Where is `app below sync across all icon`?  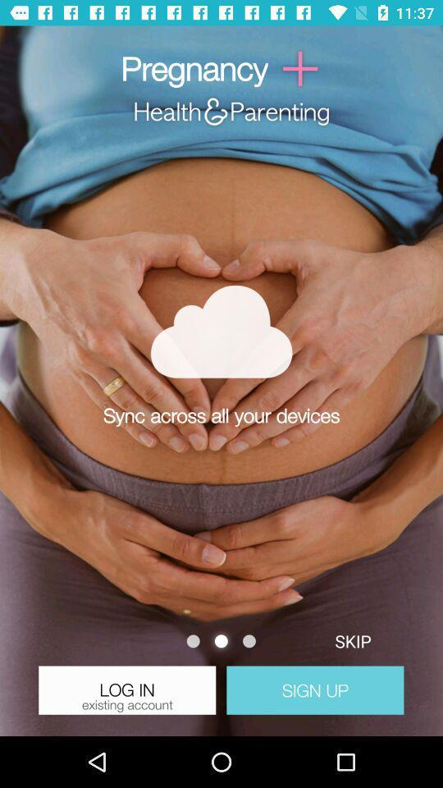 app below sync across all icon is located at coordinates (352, 641).